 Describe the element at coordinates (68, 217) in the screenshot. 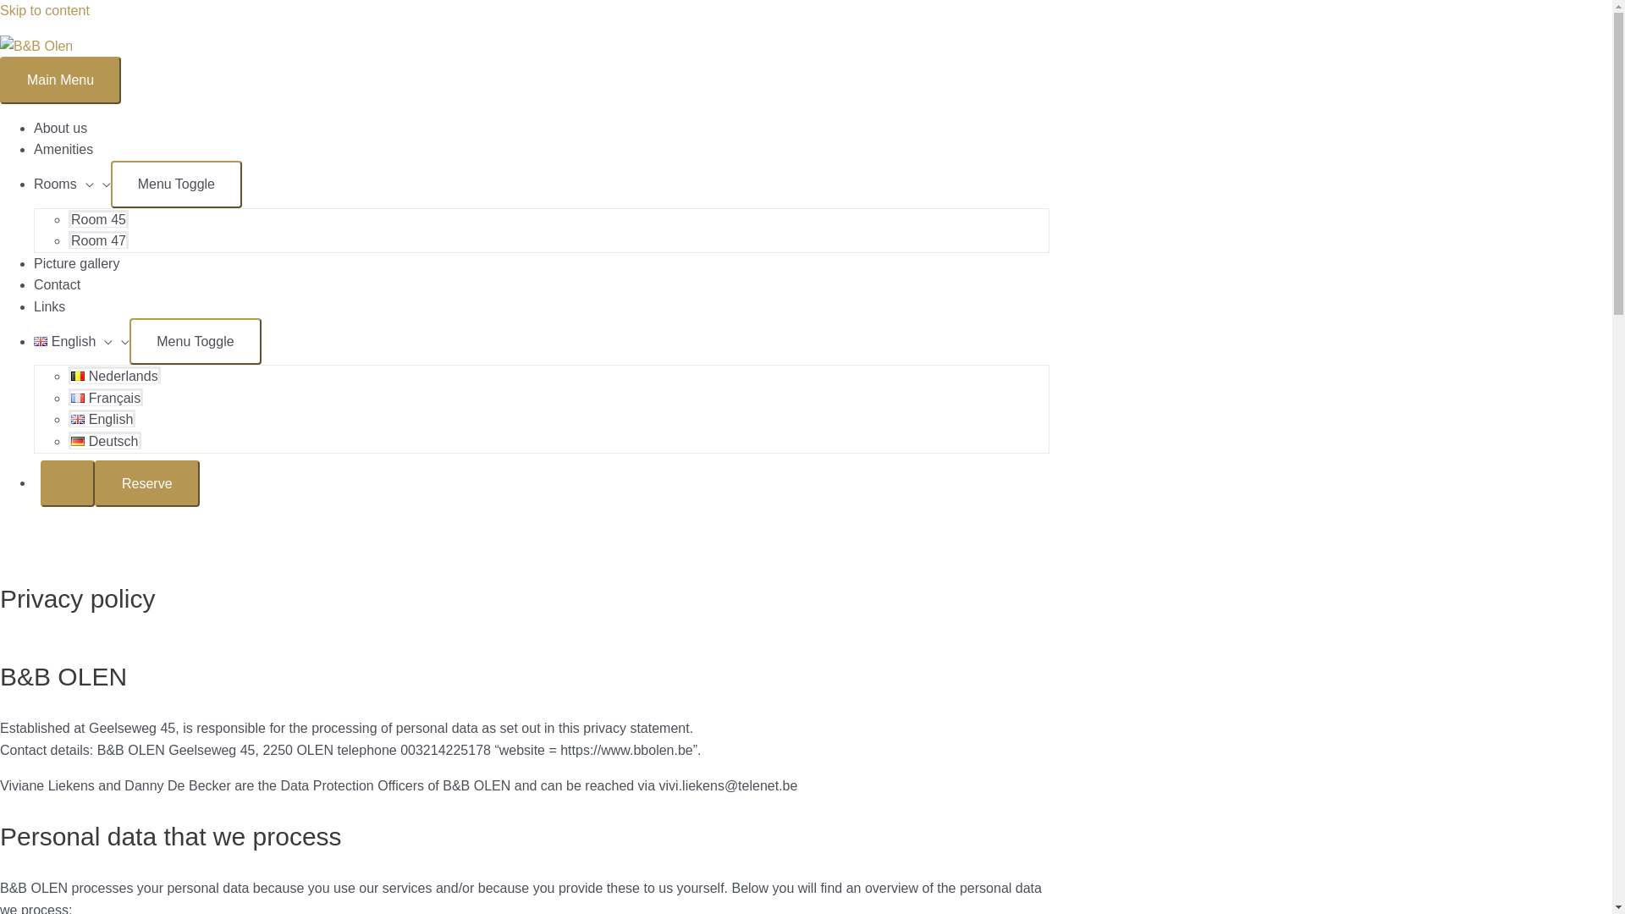

I see `'Room 45'` at that location.